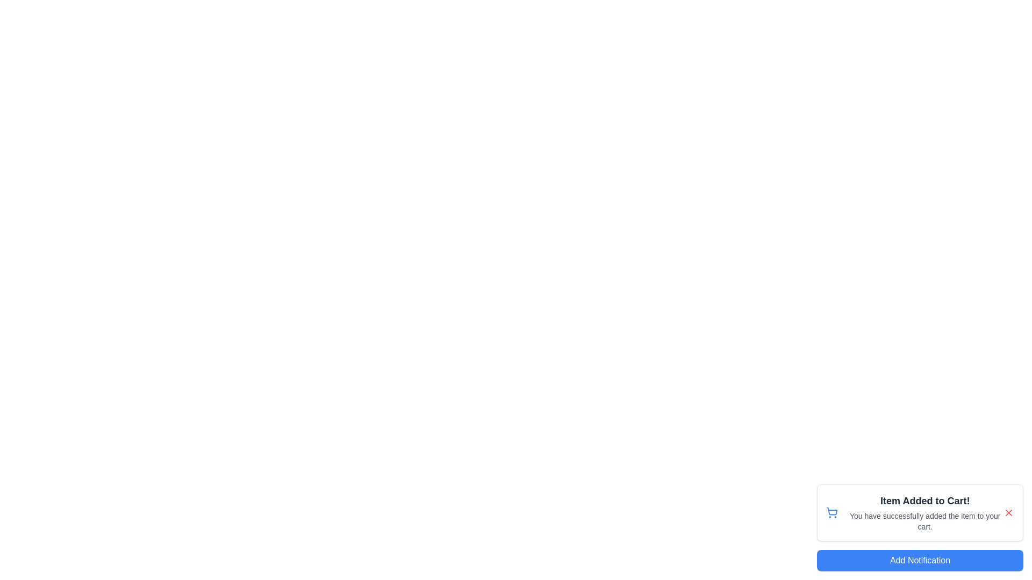  Describe the element at coordinates (1008, 512) in the screenshot. I see `the close button located at the top-right corner of the notification card` at that location.